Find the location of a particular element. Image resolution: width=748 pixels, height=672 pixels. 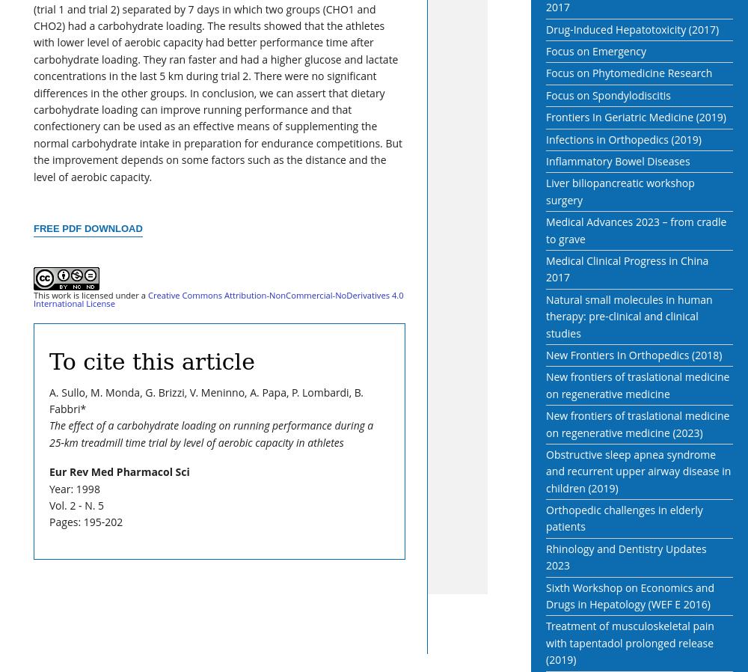

'Medical Clinical Progress in China 2017' is located at coordinates (545, 269).